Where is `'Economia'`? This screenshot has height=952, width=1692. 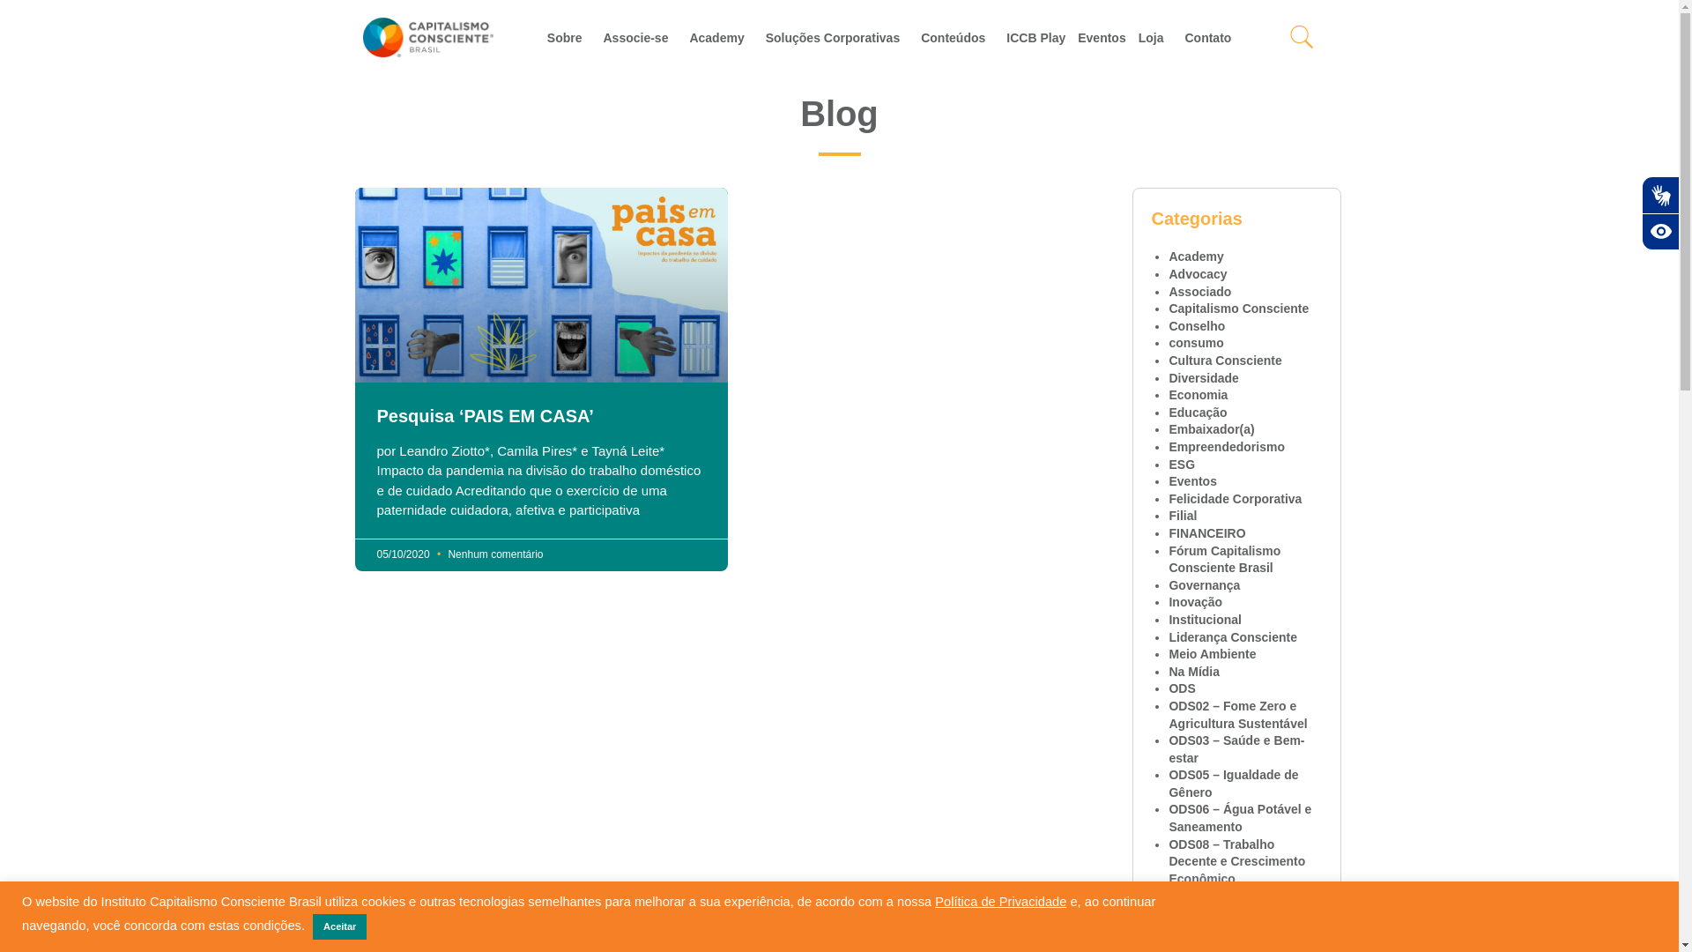 'Economia' is located at coordinates (1198, 393).